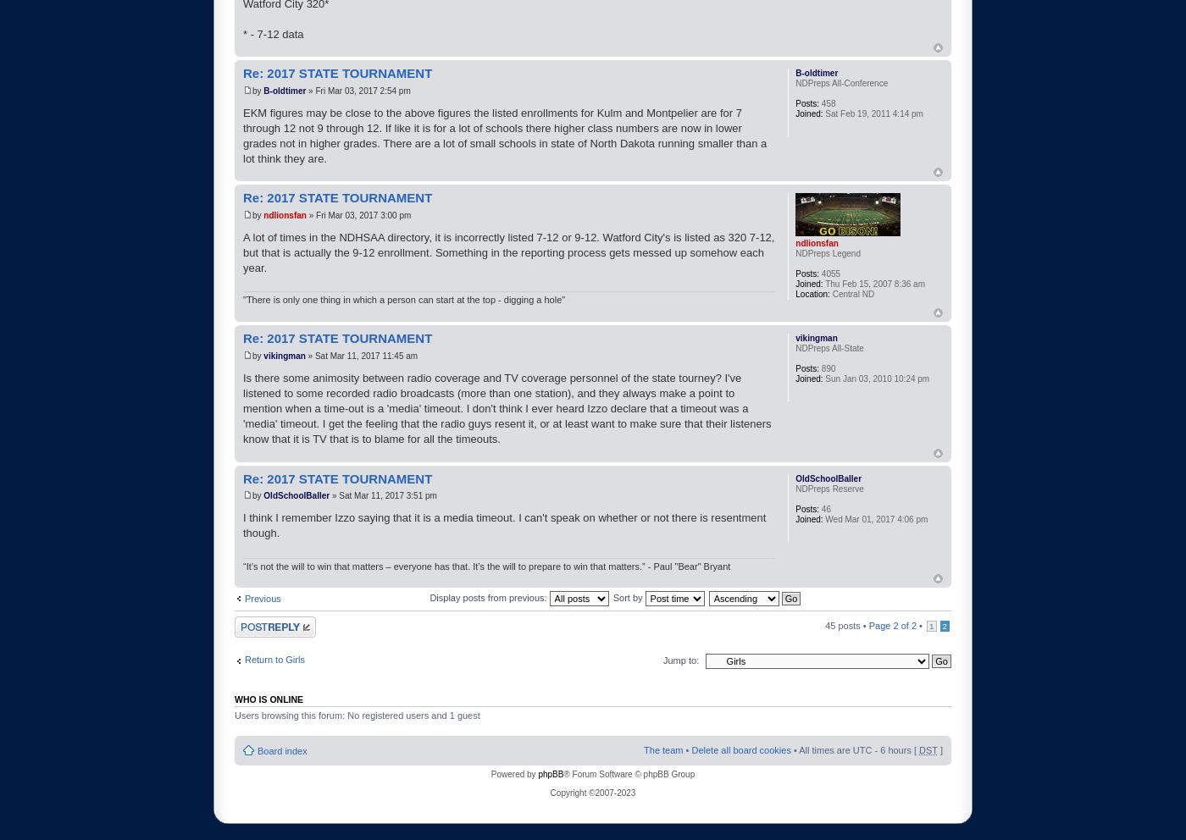 This screenshot has width=1186, height=840. Describe the element at coordinates (357, 89) in the screenshot. I see `'» Fri Mar 03, 2017 2:54 pm'` at that location.